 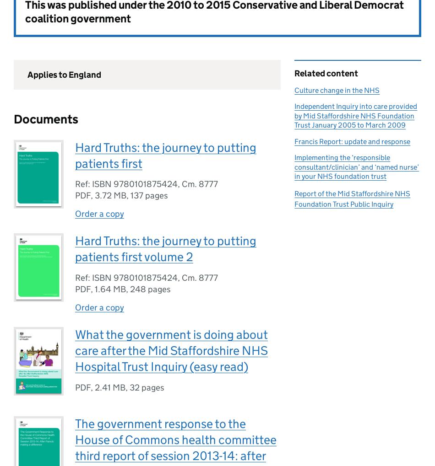 What do you see at coordinates (150, 289) in the screenshot?
I see `'248 pages'` at bounding box center [150, 289].